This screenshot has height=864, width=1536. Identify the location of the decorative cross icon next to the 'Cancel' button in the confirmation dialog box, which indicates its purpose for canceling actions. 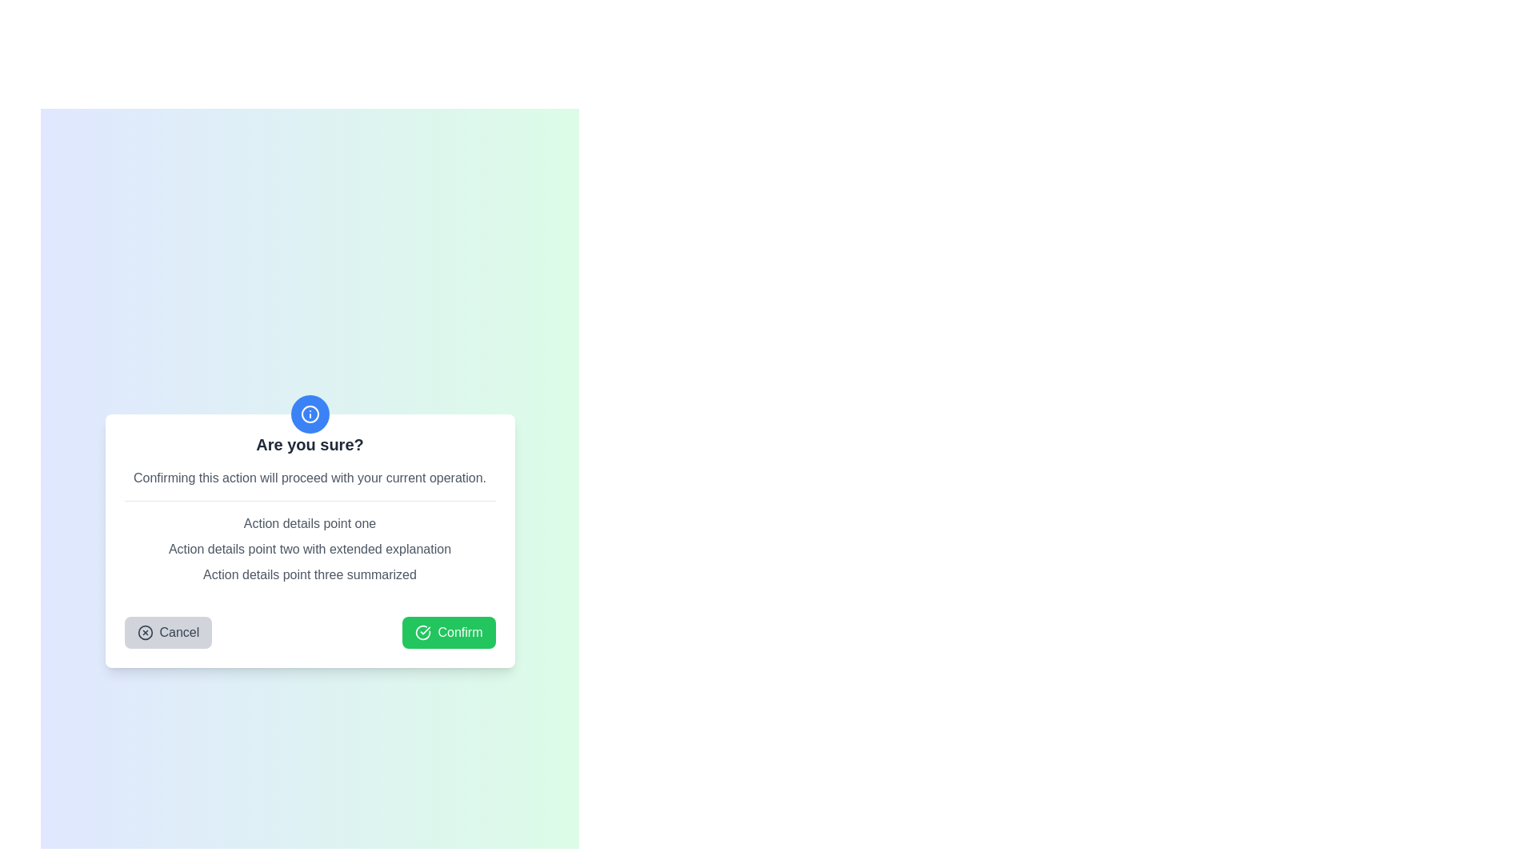
(145, 631).